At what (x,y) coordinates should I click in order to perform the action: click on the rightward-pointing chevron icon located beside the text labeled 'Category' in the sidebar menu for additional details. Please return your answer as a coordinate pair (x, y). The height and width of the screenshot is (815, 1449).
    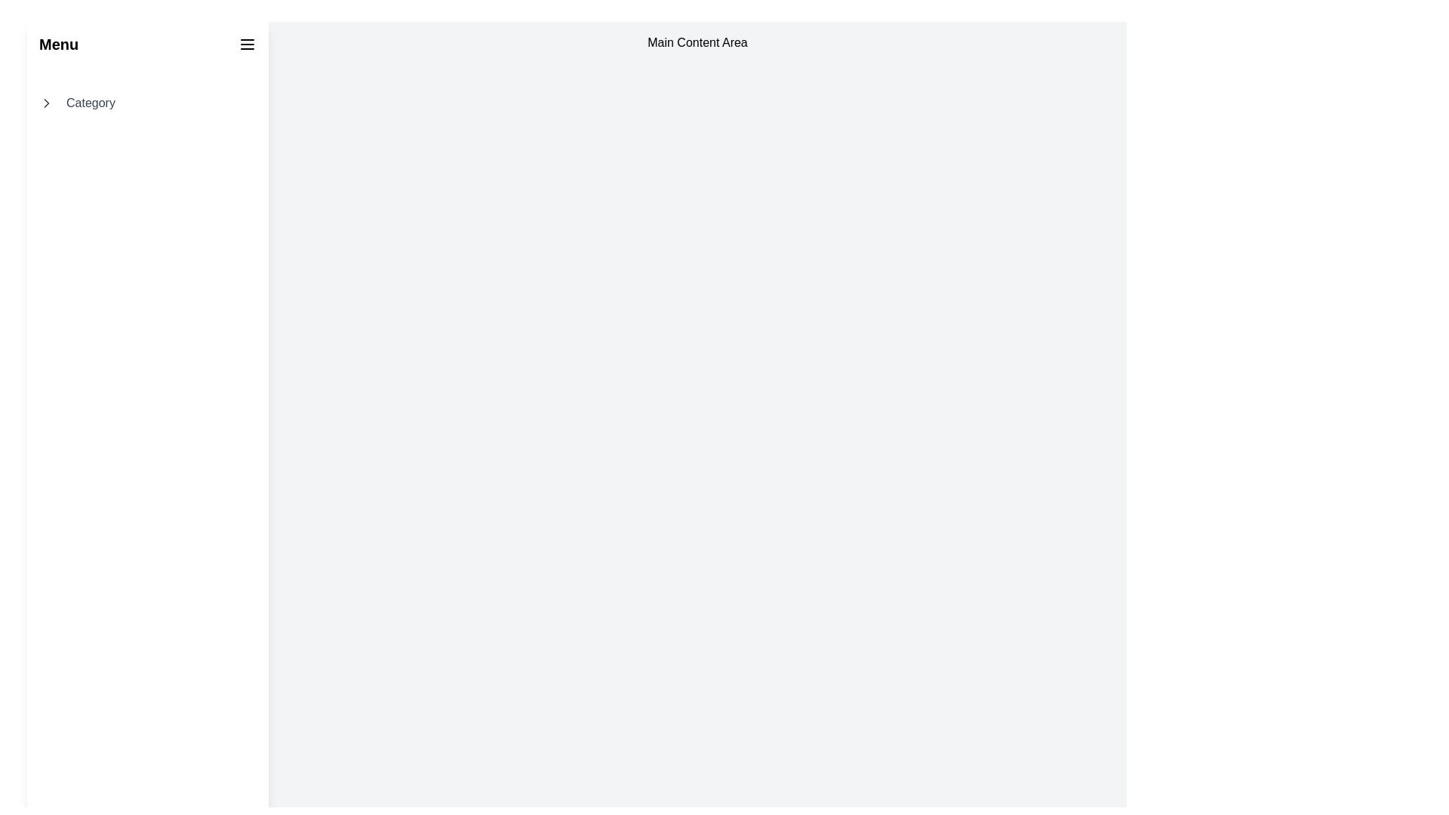
    Looking at the image, I should click on (47, 103).